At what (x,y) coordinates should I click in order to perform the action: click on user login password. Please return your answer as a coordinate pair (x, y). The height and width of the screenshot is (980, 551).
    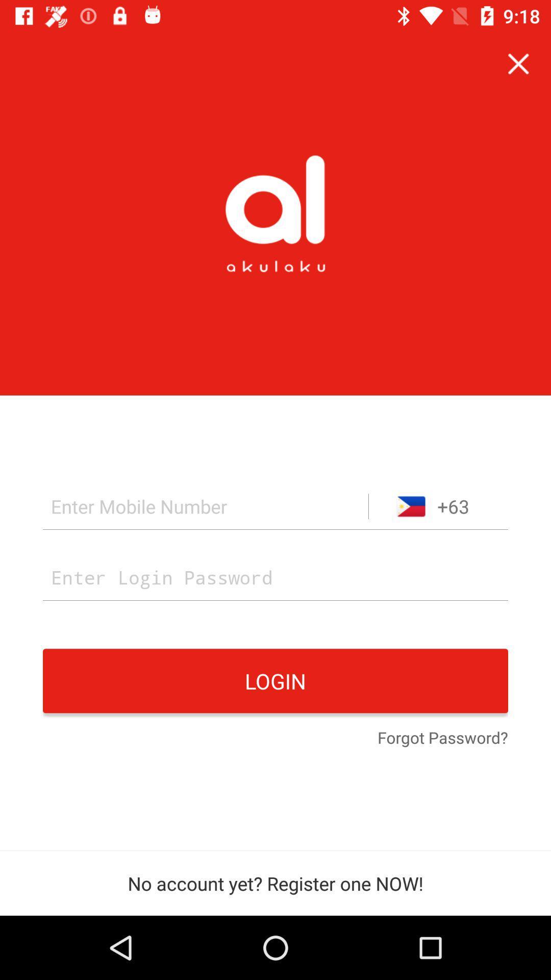
    Looking at the image, I should click on (275, 577).